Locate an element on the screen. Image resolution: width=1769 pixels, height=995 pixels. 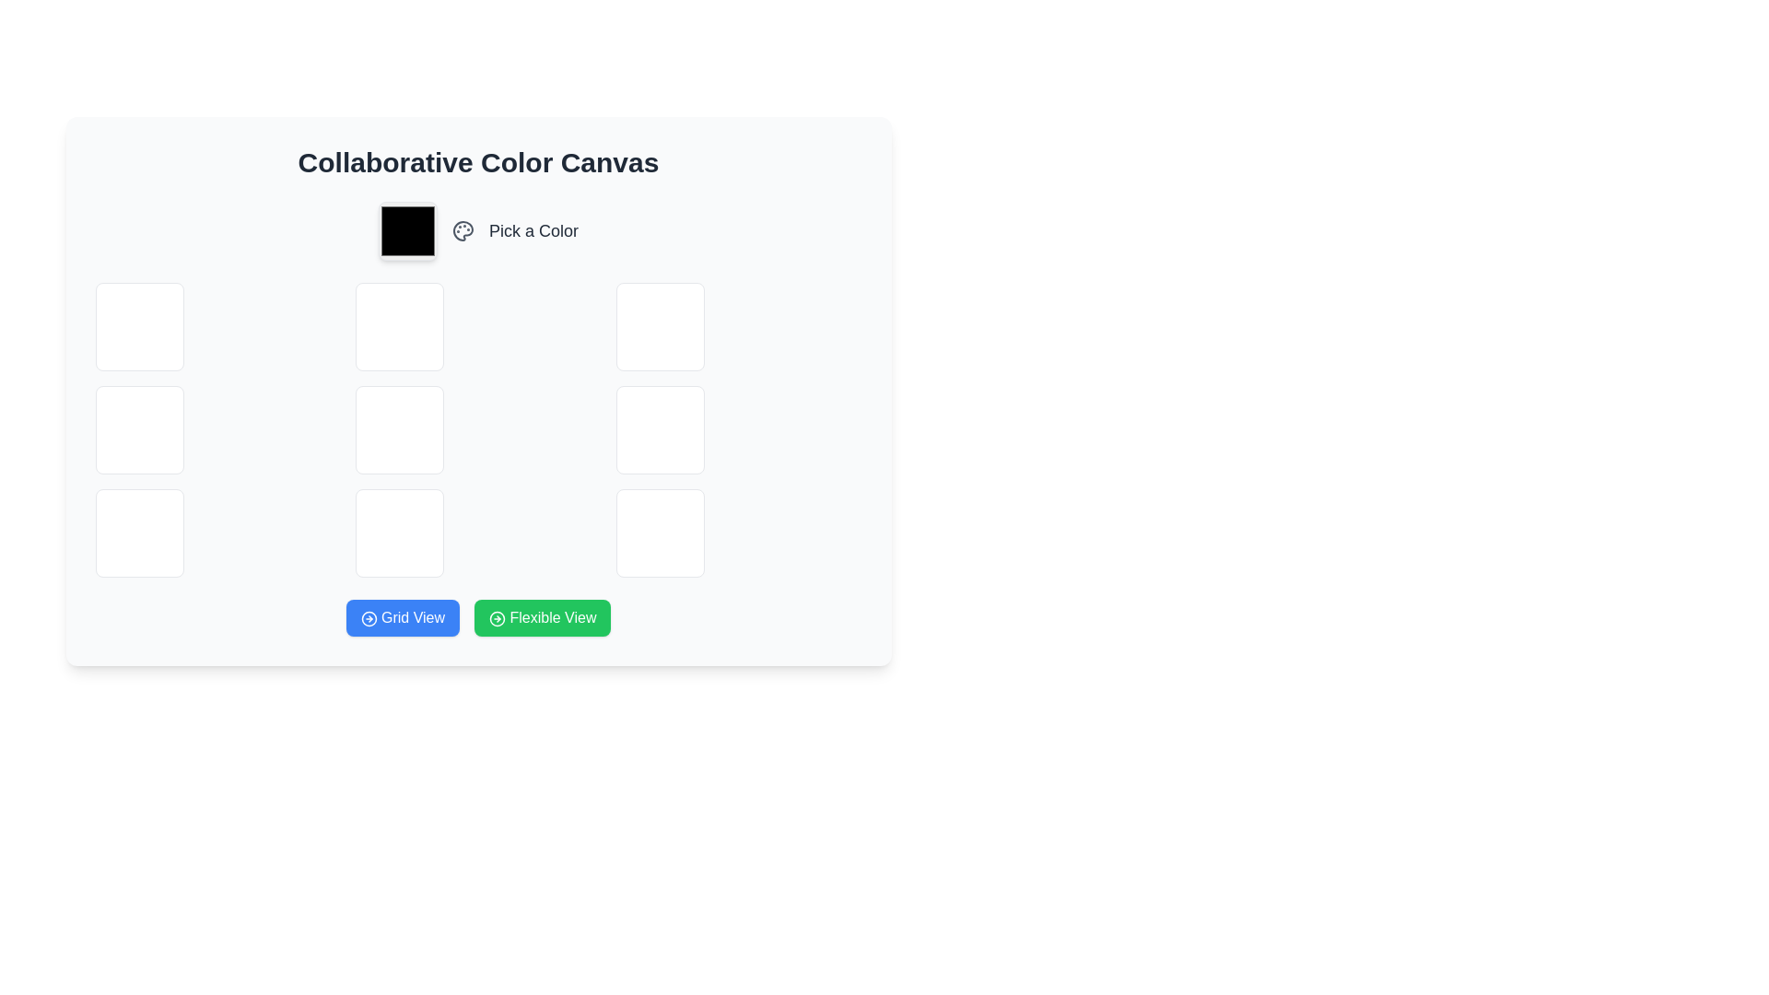
the text label that describes the black square color picker located at the top center of the interface, specifically to the right of the black square color picker and a palette icon is located at coordinates (533, 229).